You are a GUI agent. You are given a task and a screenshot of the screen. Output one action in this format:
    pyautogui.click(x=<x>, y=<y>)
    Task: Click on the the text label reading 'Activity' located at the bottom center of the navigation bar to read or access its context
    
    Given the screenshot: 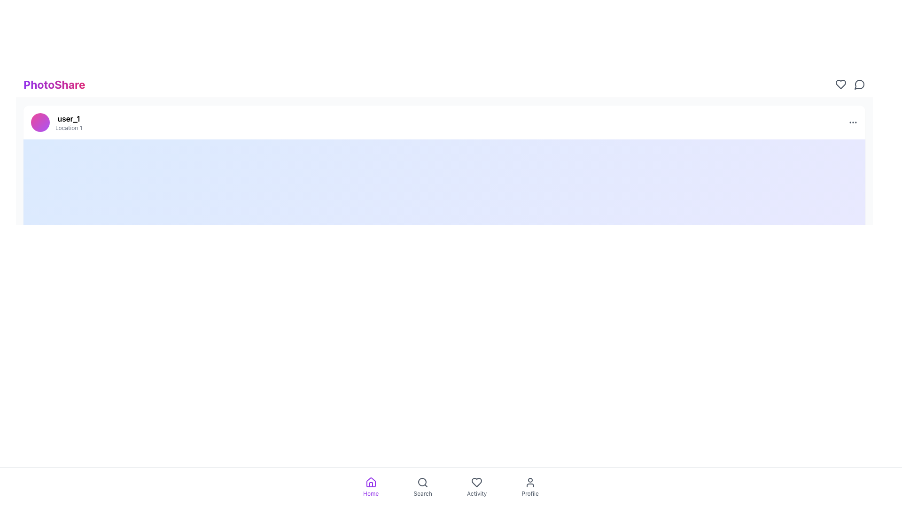 What is the action you would take?
    pyautogui.click(x=477, y=493)
    